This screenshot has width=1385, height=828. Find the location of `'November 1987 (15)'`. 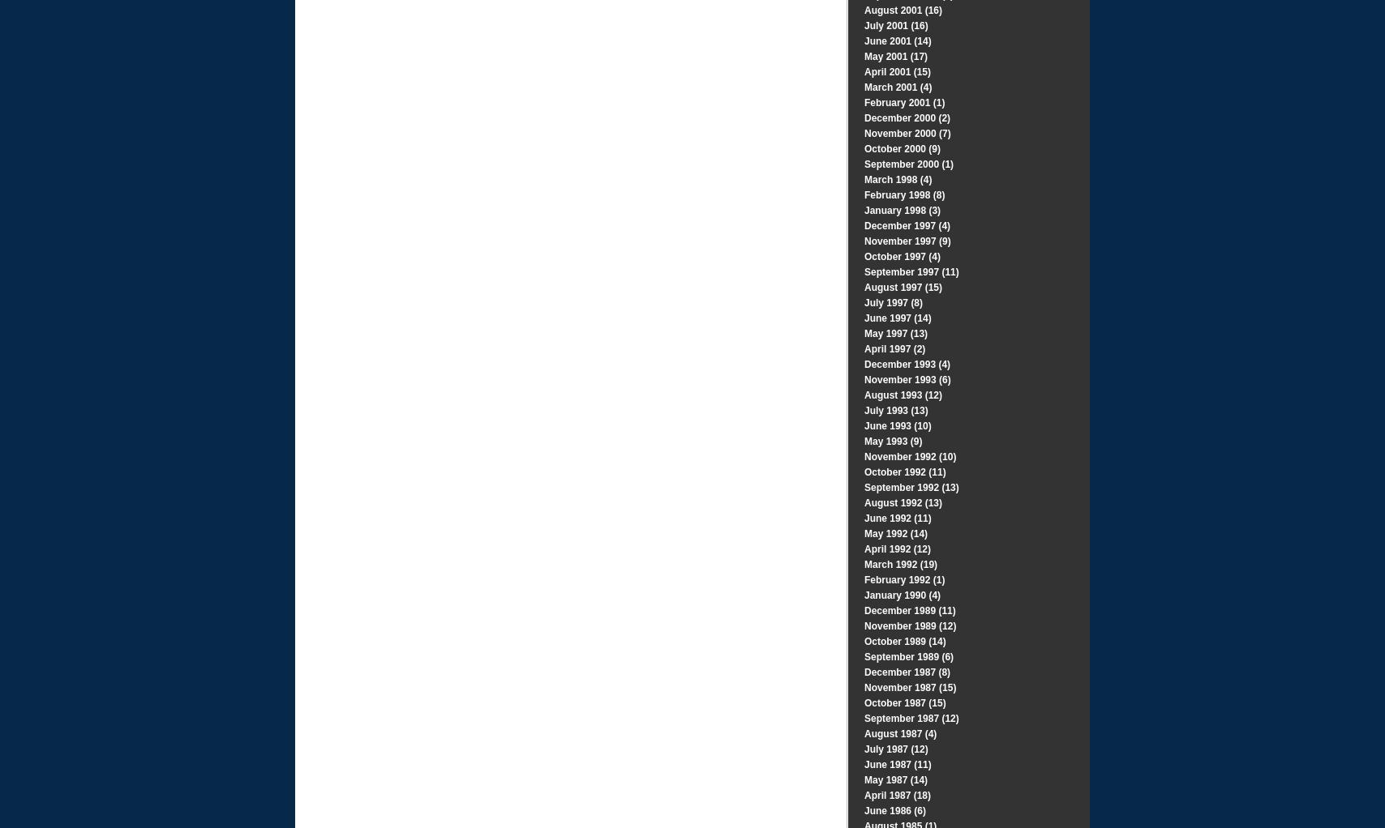

'November 1987 (15)' is located at coordinates (910, 687).